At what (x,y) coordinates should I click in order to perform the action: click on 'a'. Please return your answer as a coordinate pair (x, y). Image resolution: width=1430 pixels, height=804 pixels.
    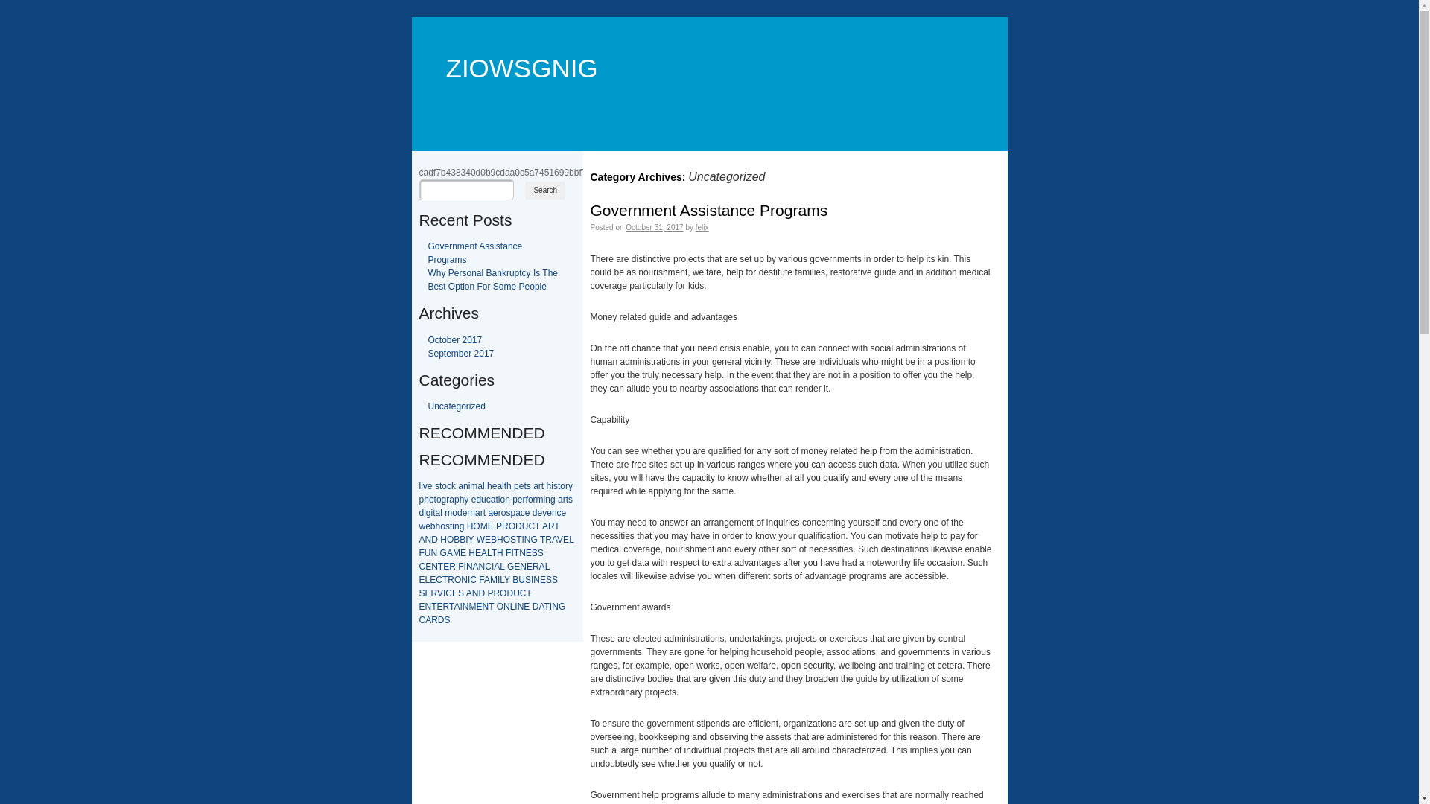
    Looking at the image, I should click on (477, 485).